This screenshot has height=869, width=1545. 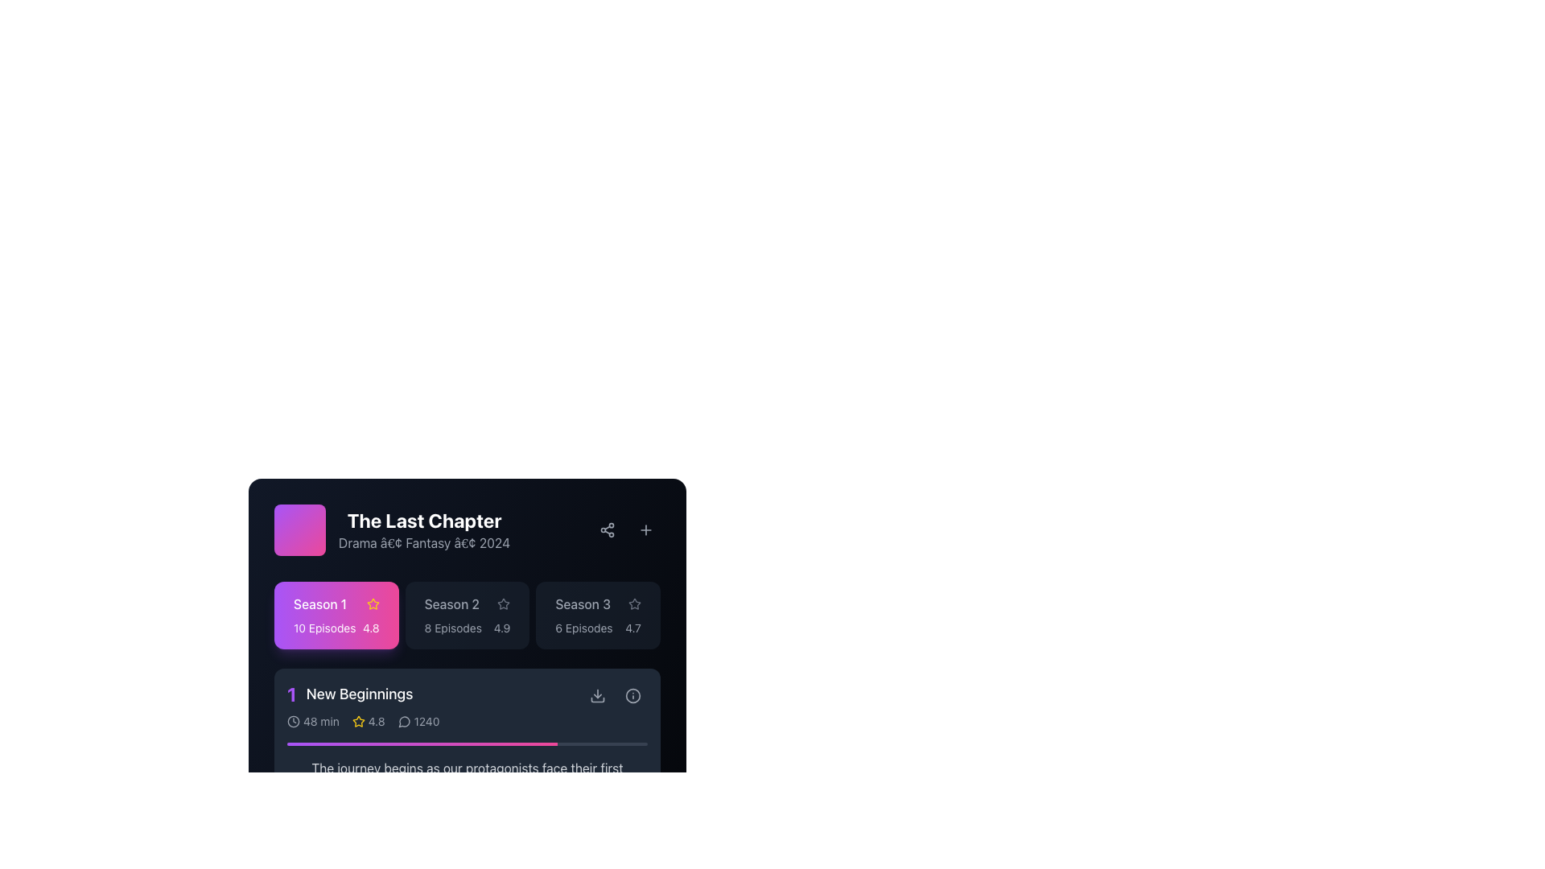 I want to click on the download icon button located in the bottom right corner of the episode information area for 'New Beginnings', so click(x=597, y=694).